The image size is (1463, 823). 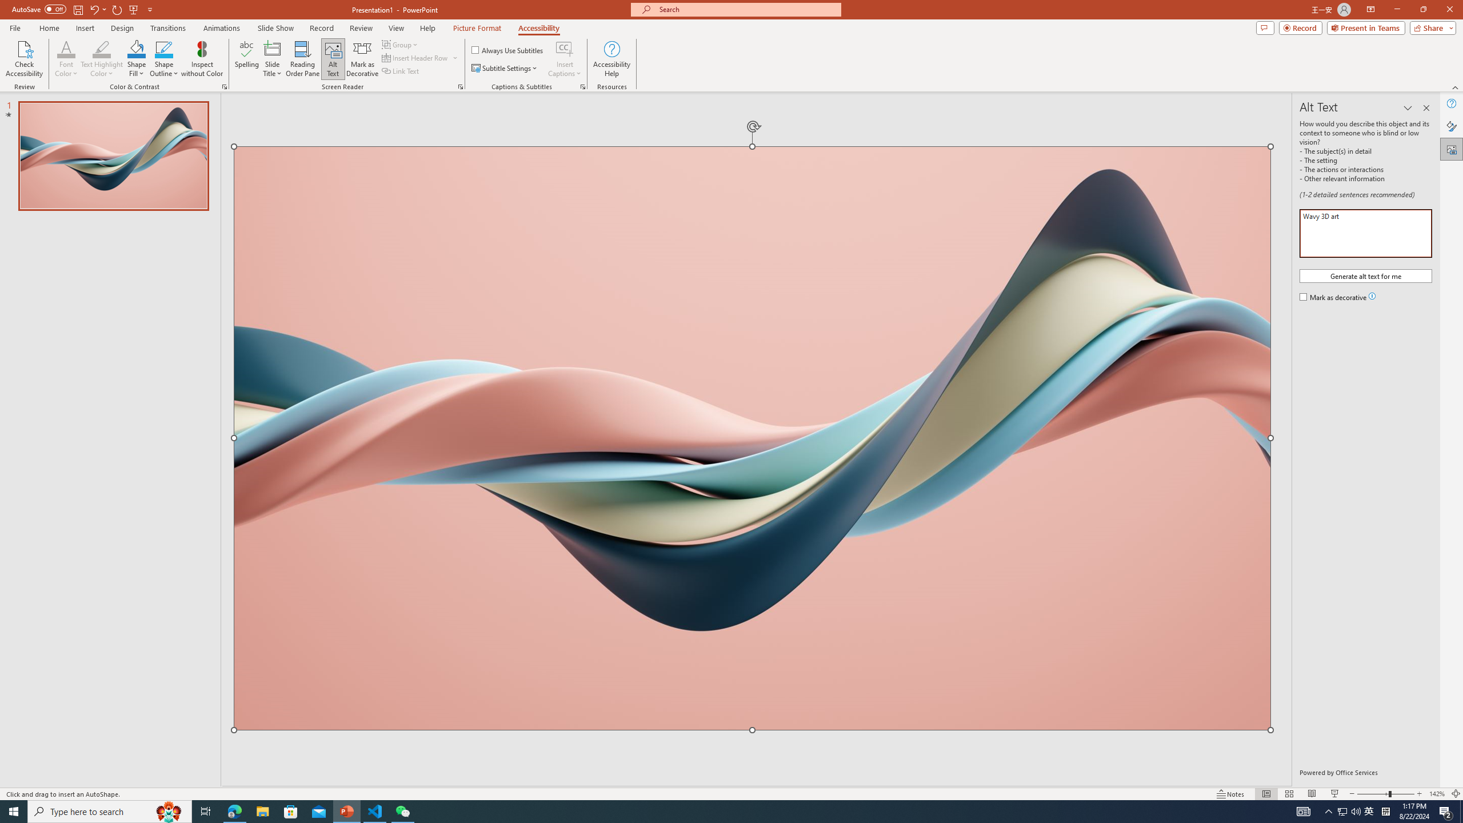 I want to click on 'Link Text', so click(x=401, y=70).